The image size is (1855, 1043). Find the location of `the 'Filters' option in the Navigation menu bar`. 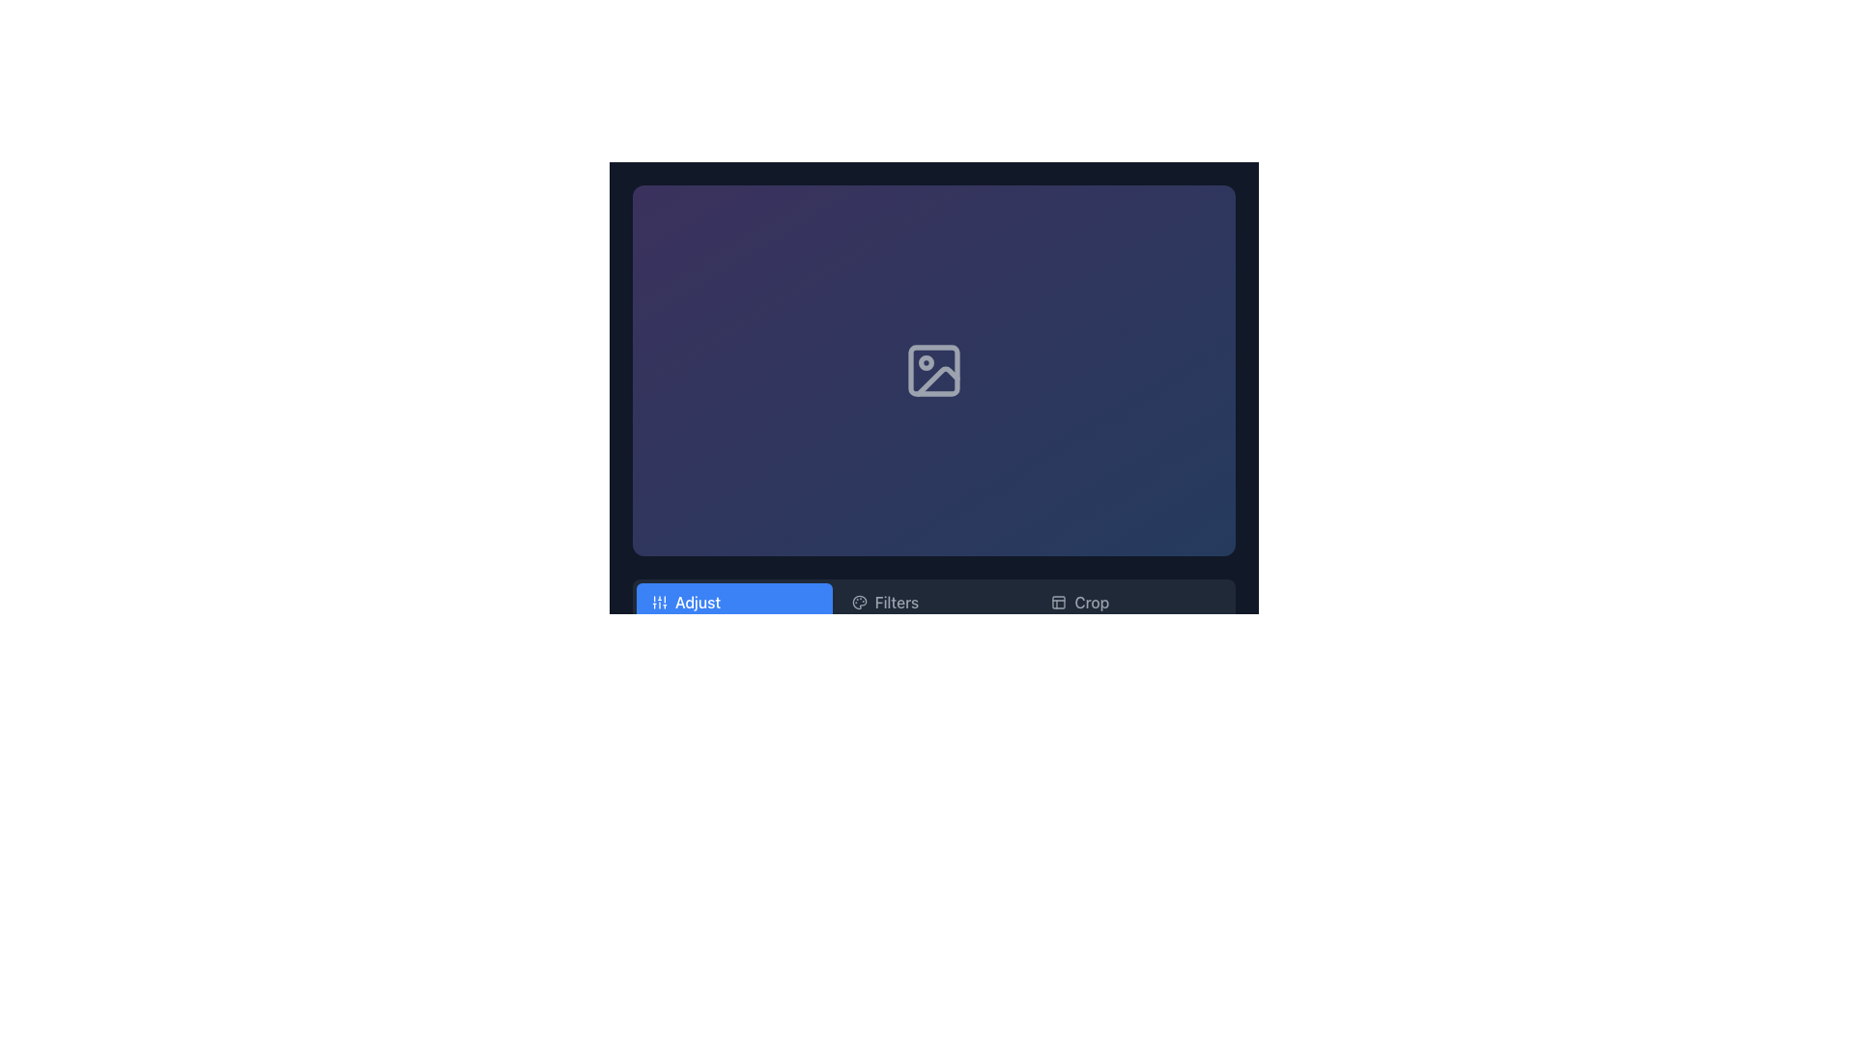

the 'Filters' option in the Navigation menu bar is located at coordinates (933, 602).